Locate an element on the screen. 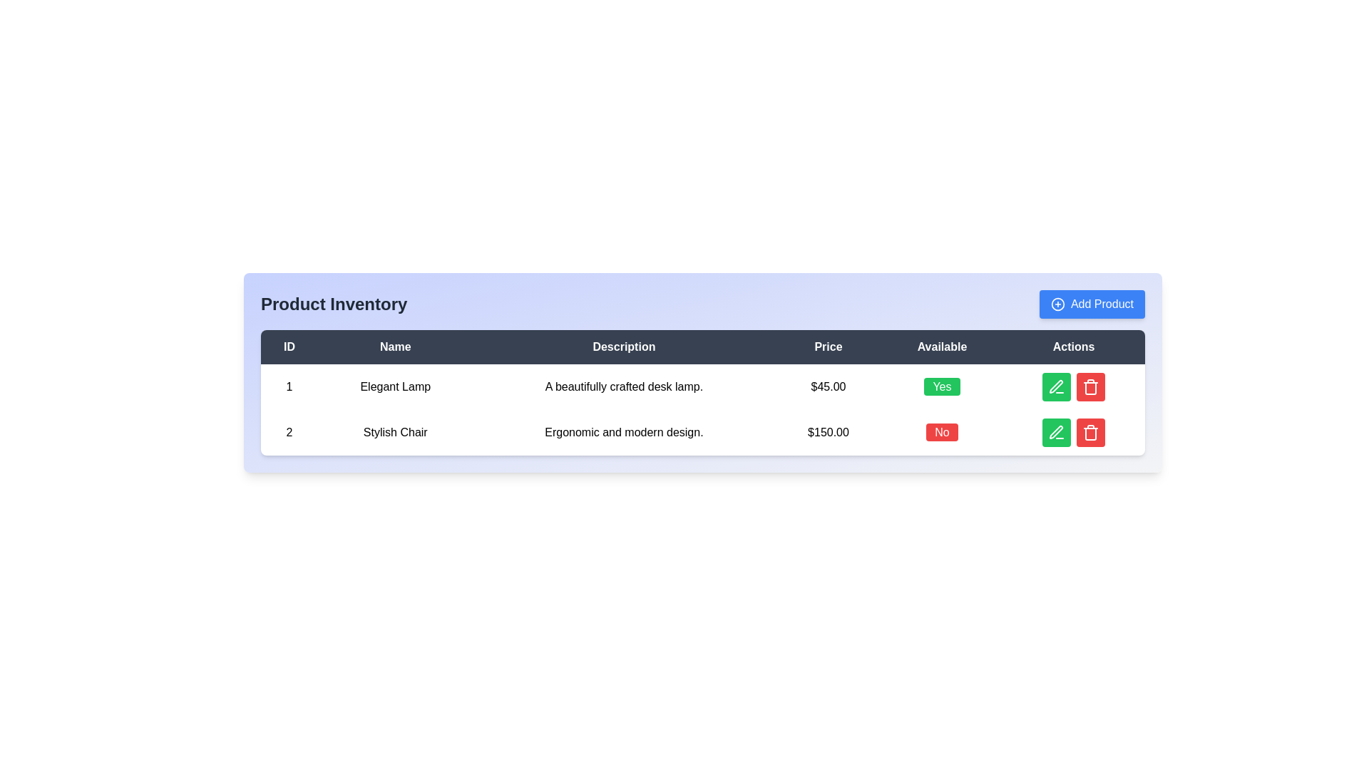  the Price display field for the 'Elegant Lamp' product, which is located in the fourth column of the first row under the 'Price' heading is located at coordinates (828, 387).